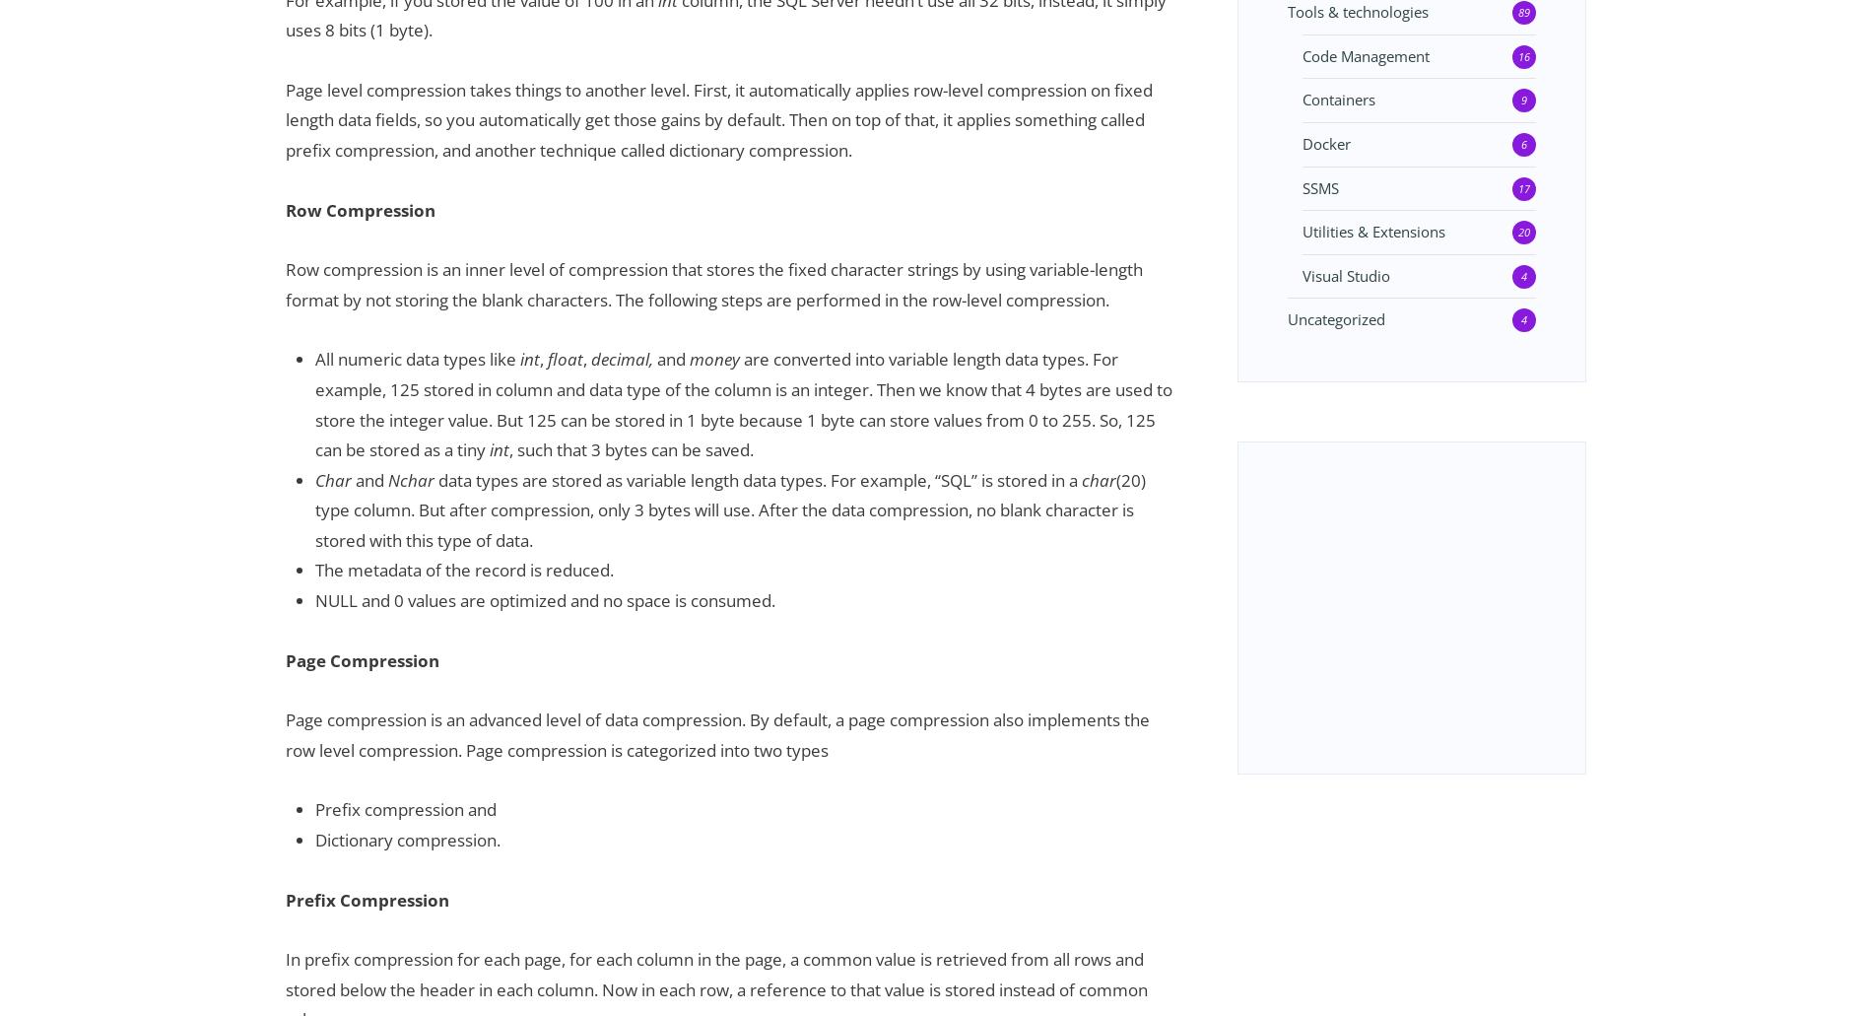 The height and width of the screenshot is (1016, 1872). I want to click on 'money', so click(713, 358).